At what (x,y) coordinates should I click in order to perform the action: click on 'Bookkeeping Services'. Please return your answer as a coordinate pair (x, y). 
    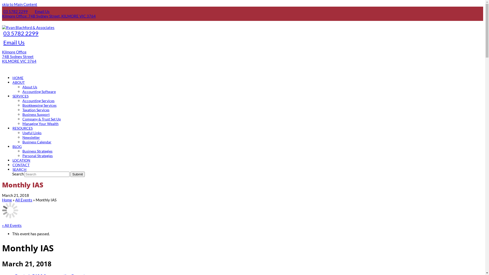
    Looking at the image, I should click on (39, 105).